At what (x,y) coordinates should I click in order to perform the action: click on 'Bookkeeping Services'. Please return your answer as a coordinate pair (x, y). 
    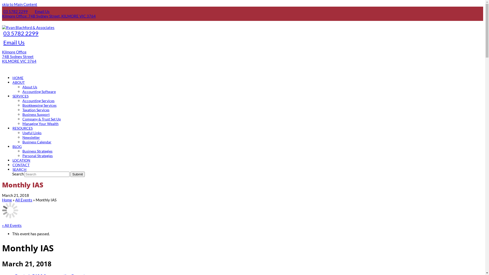
    Looking at the image, I should click on (39, 105).